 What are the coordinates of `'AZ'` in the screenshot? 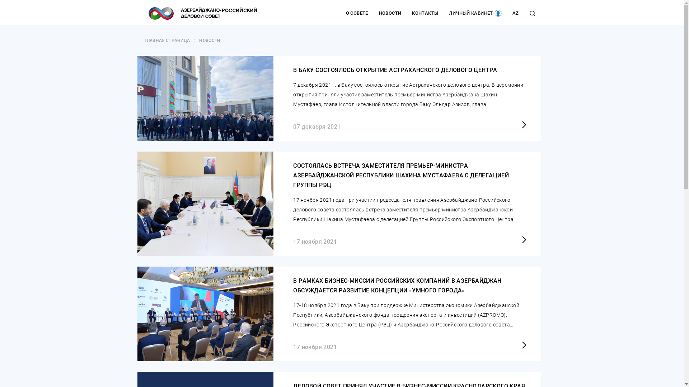 It's located at (515, 13).